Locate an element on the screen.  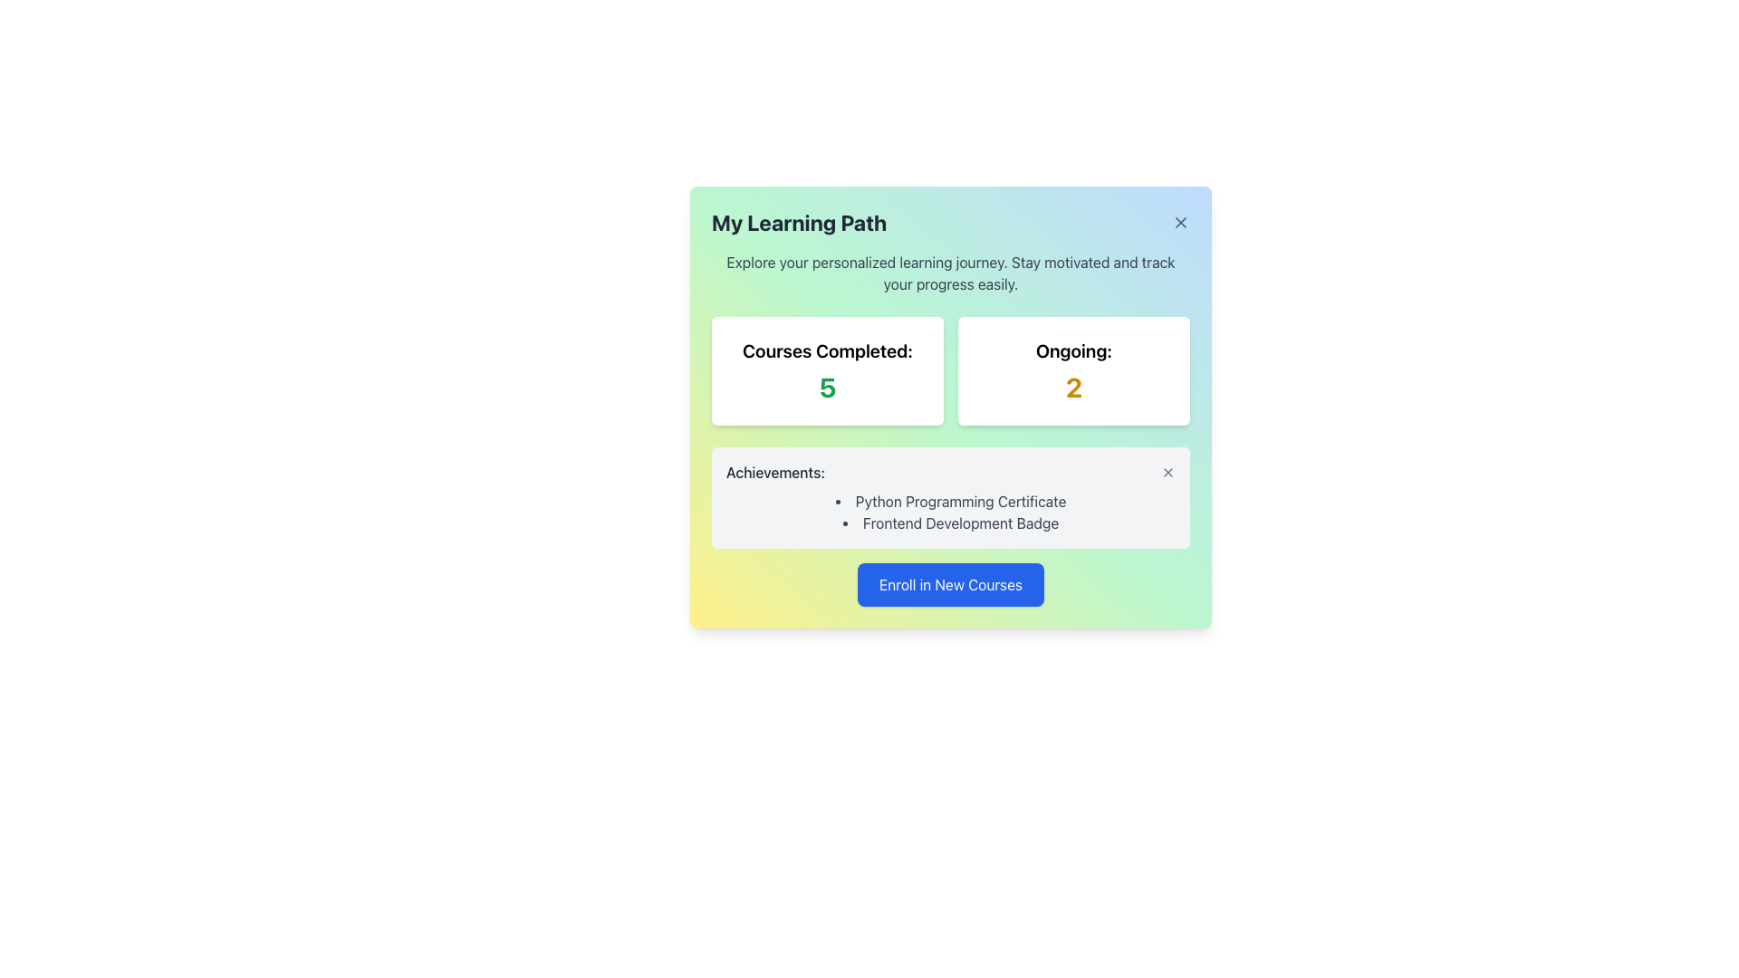
the Text Label located in the top-right division of a two-column layout, which indicates the category or count of ongoing items and is situated above the numeric value '2' is located at coordinates (1073, 351).